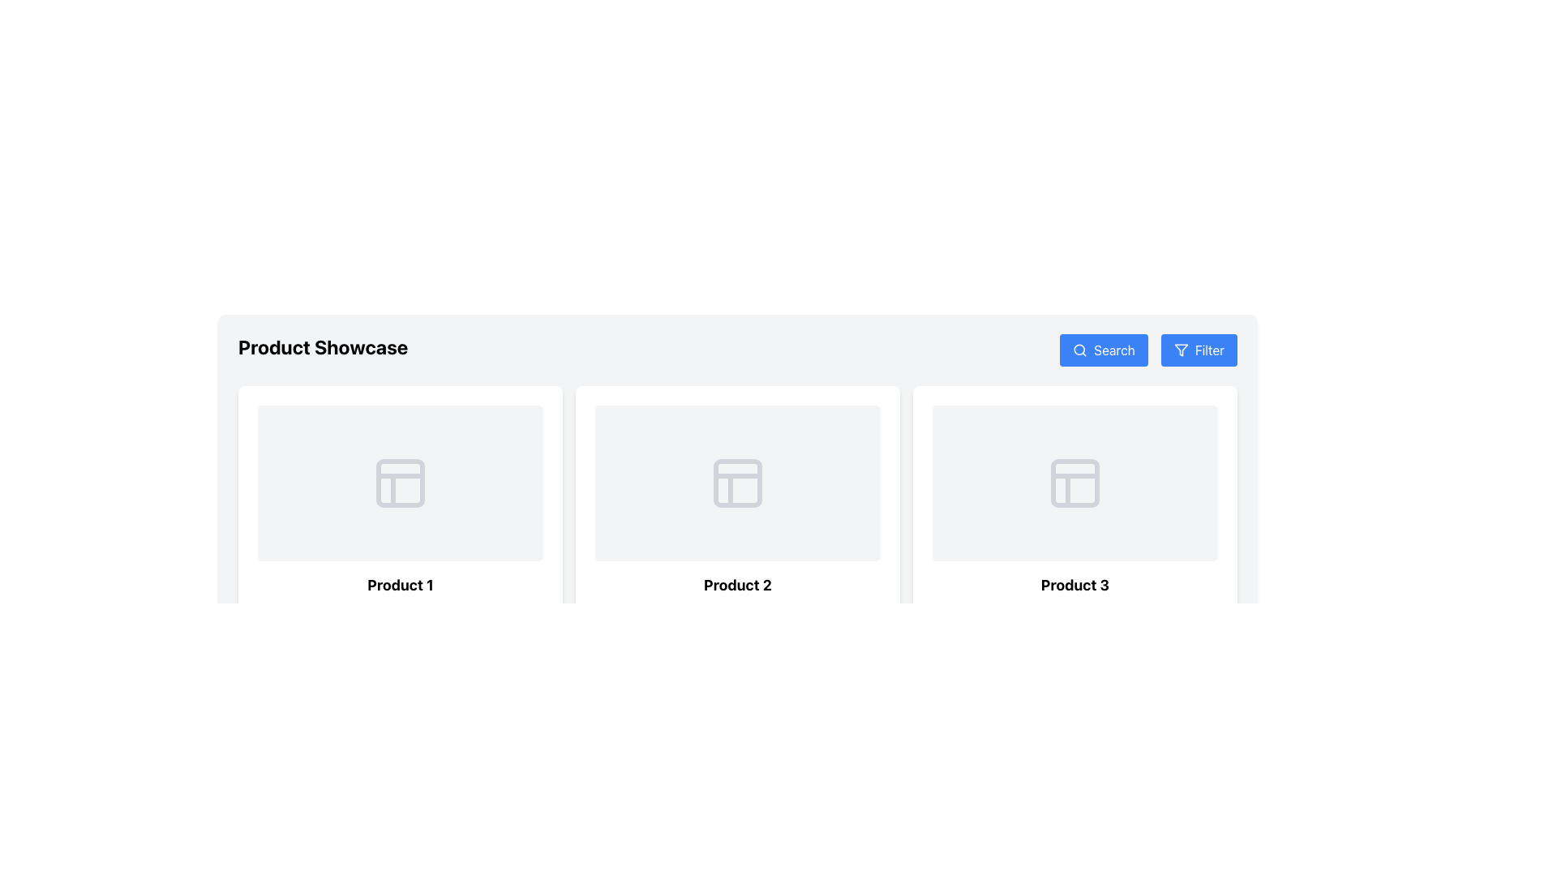  I want to click on the decorative icon located at the center of the 'Product 2' card, so click(737, 483).